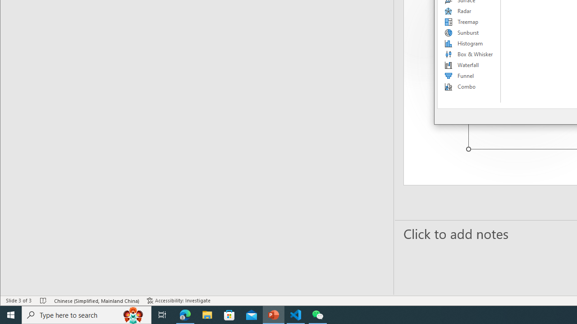  Describe the element at coordinates (469, 86) in the screenshot. I see `'Combo'` at that location.